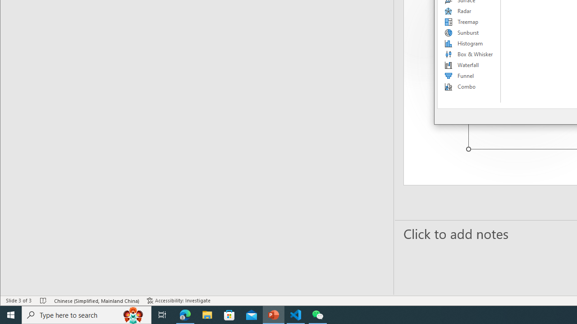  Describe the element at coordinates (469, 86) in the screenshot. I see `'Combo'` at that location.